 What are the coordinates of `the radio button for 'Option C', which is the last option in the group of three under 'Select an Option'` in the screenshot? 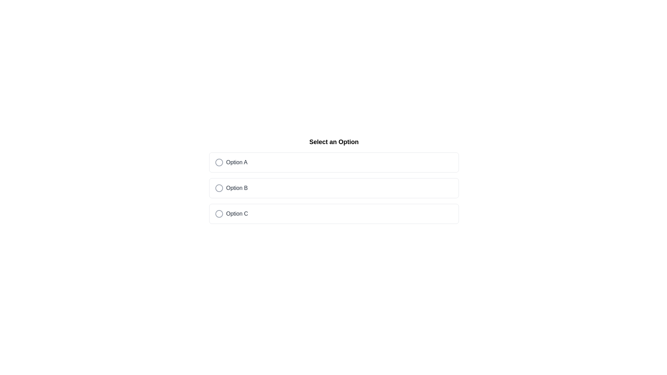 It's located at (334, 214).